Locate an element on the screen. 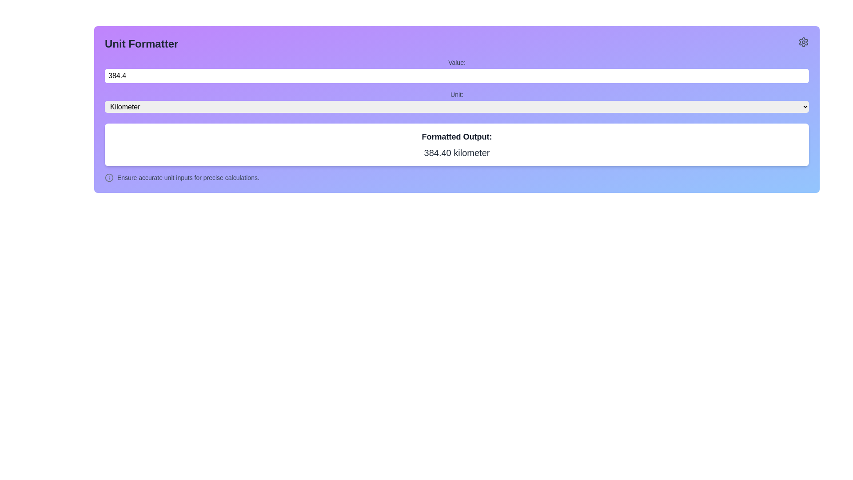  the static text label that serves as a context label for the unit-selection dropdown, located to the left of the dropdown menu is located at coordinates (457, 94).